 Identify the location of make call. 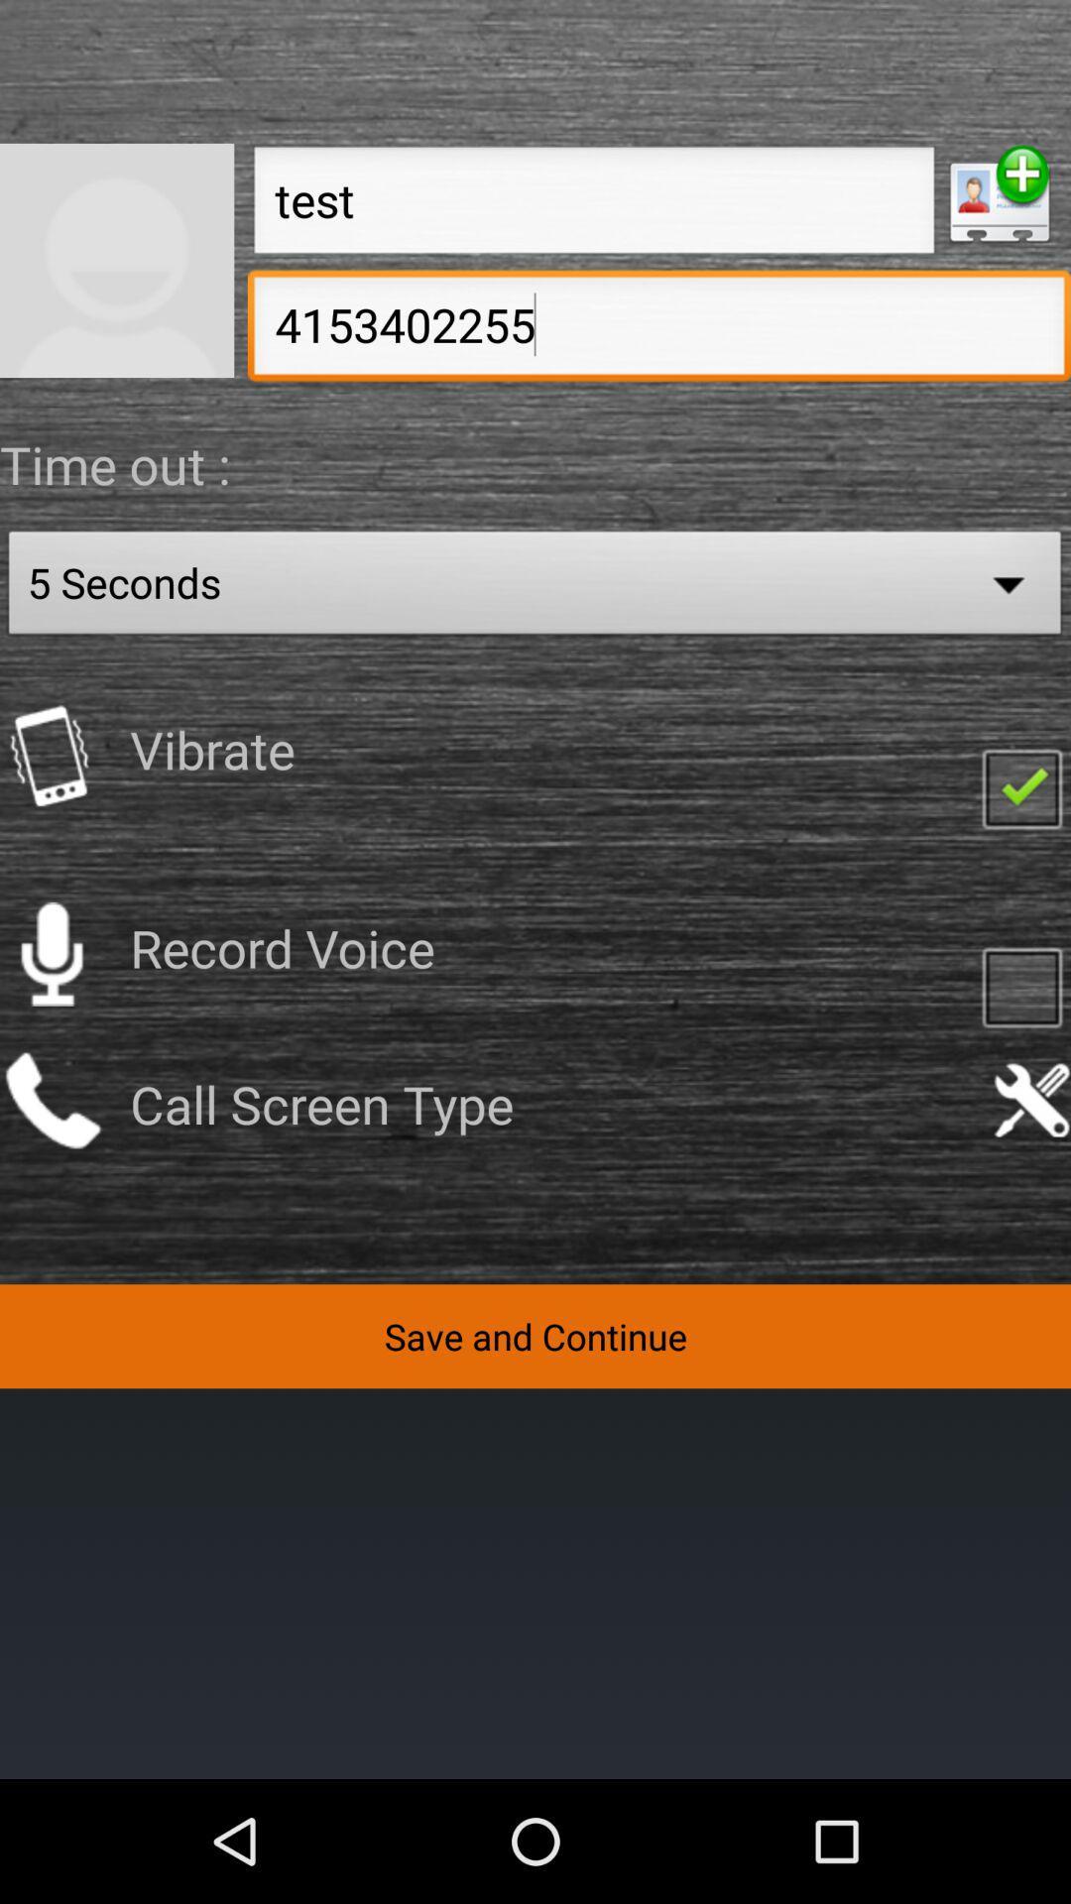
(51, 1099).